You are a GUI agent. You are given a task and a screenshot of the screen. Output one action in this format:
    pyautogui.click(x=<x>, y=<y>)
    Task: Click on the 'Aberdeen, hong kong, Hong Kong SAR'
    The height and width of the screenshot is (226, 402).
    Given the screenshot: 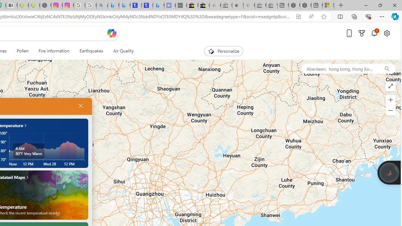 What is the action you would take?
    pyautogui.click(x=339, y=68)
    